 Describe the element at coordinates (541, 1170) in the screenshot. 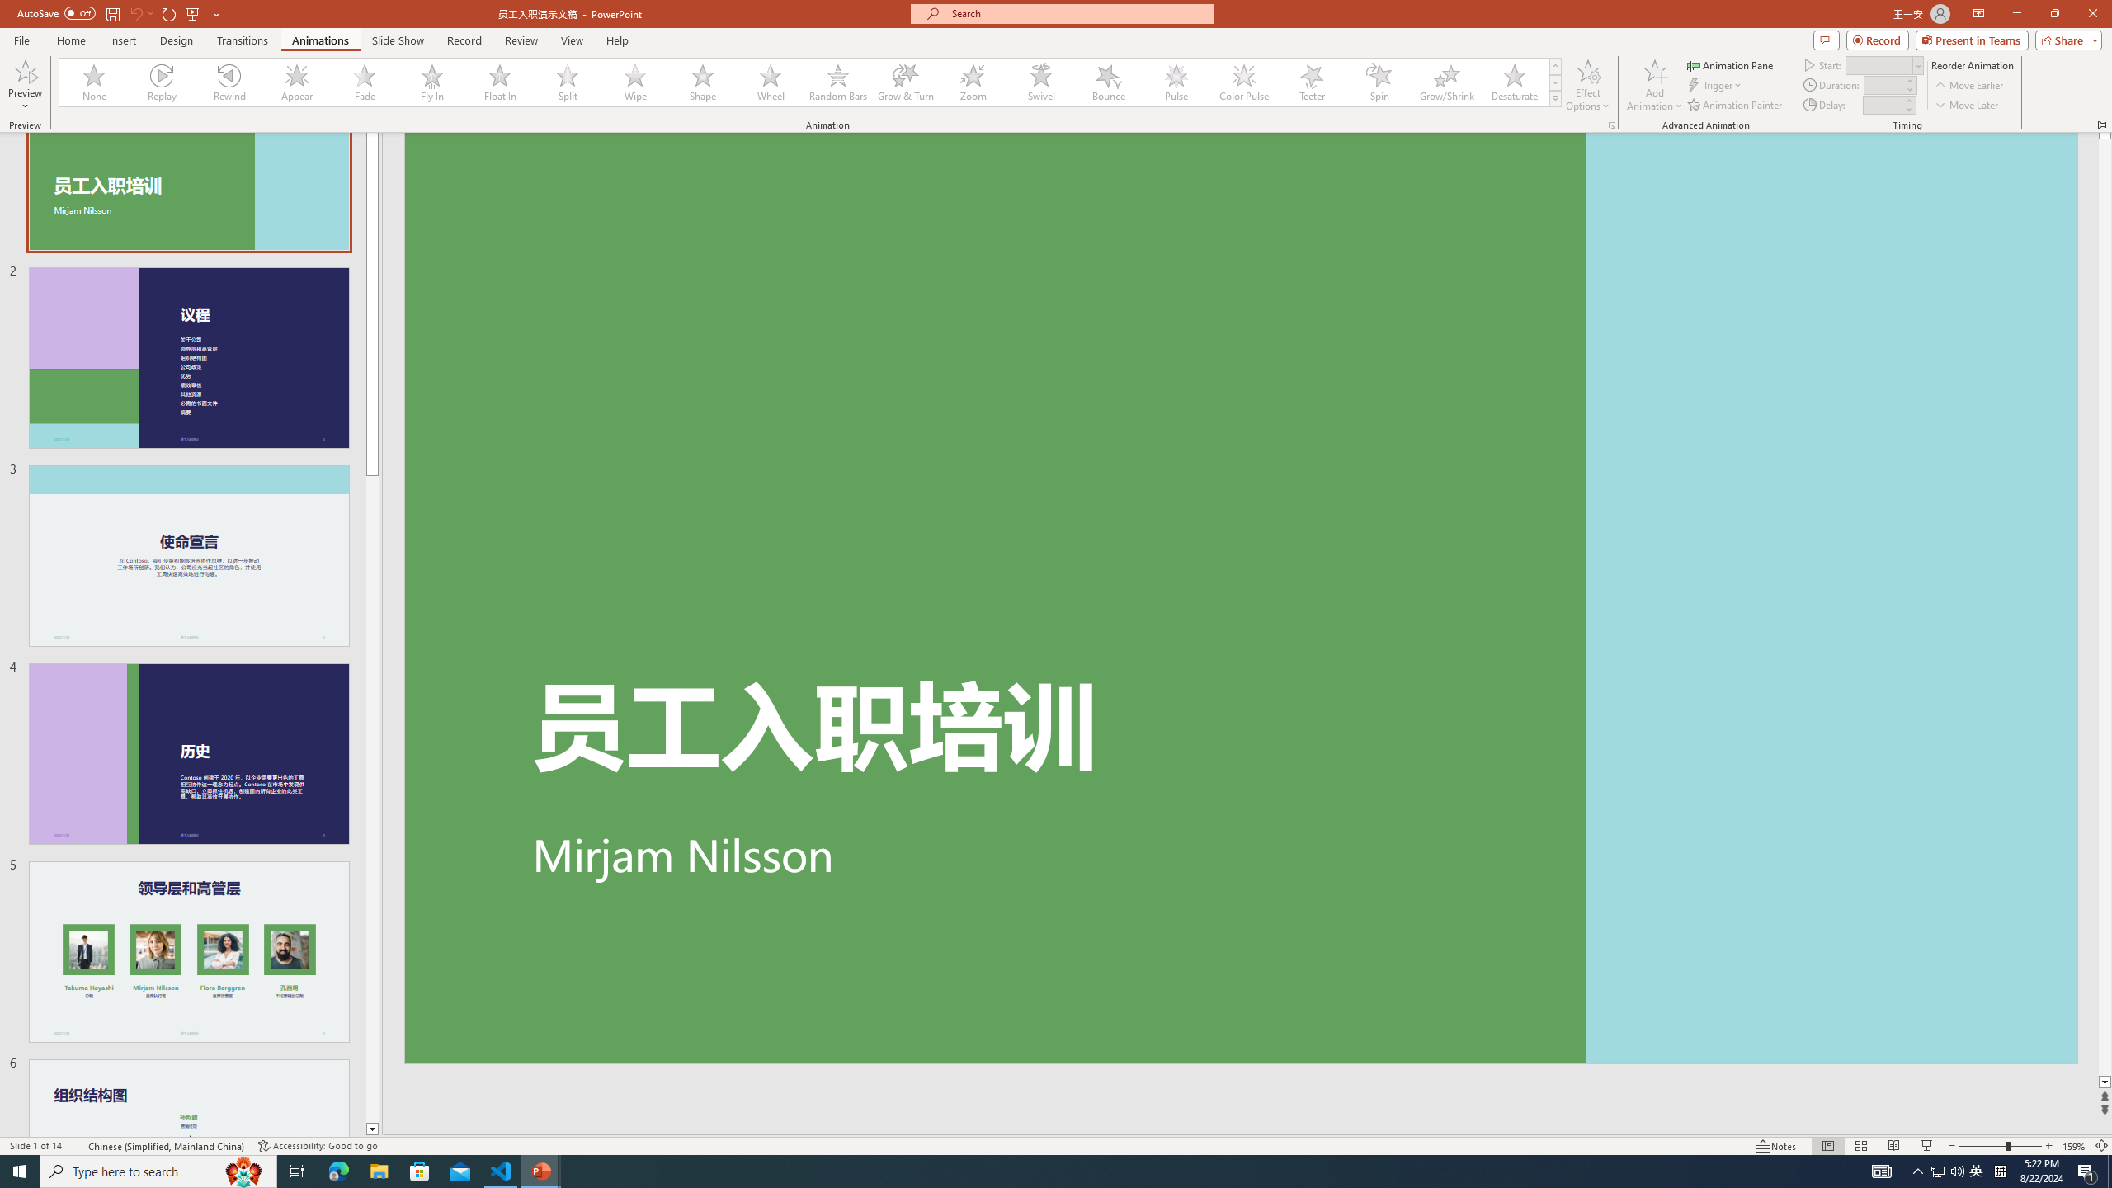

I see `'PowerPoint - 2 running windows'` at that location.